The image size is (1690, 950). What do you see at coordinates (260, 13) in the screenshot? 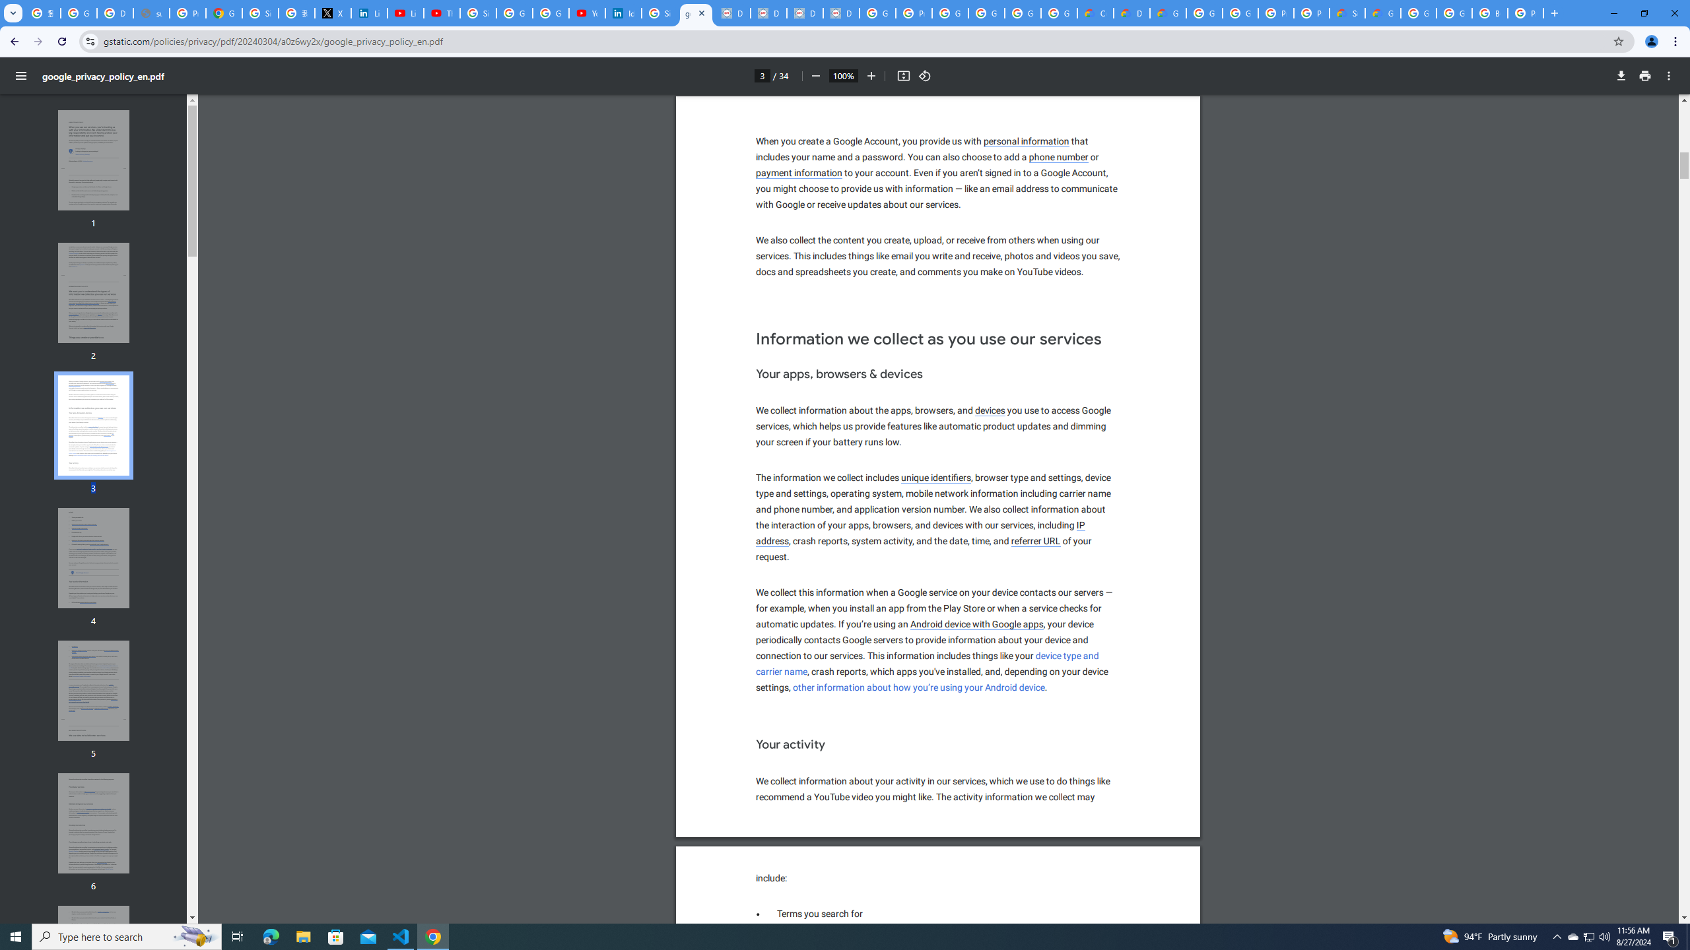
I see `'Sign in - Google Accounts'` at bounding box center [260, 13].